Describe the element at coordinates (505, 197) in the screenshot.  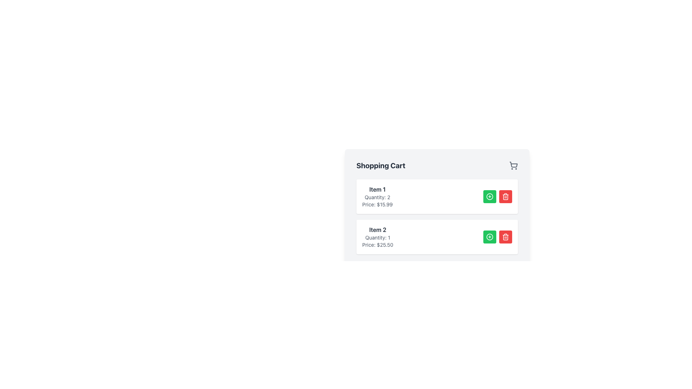
I see `the trash can icon for deletion indication, which is the second icon from the right in the actions column of the shopping cart interface` at that location.